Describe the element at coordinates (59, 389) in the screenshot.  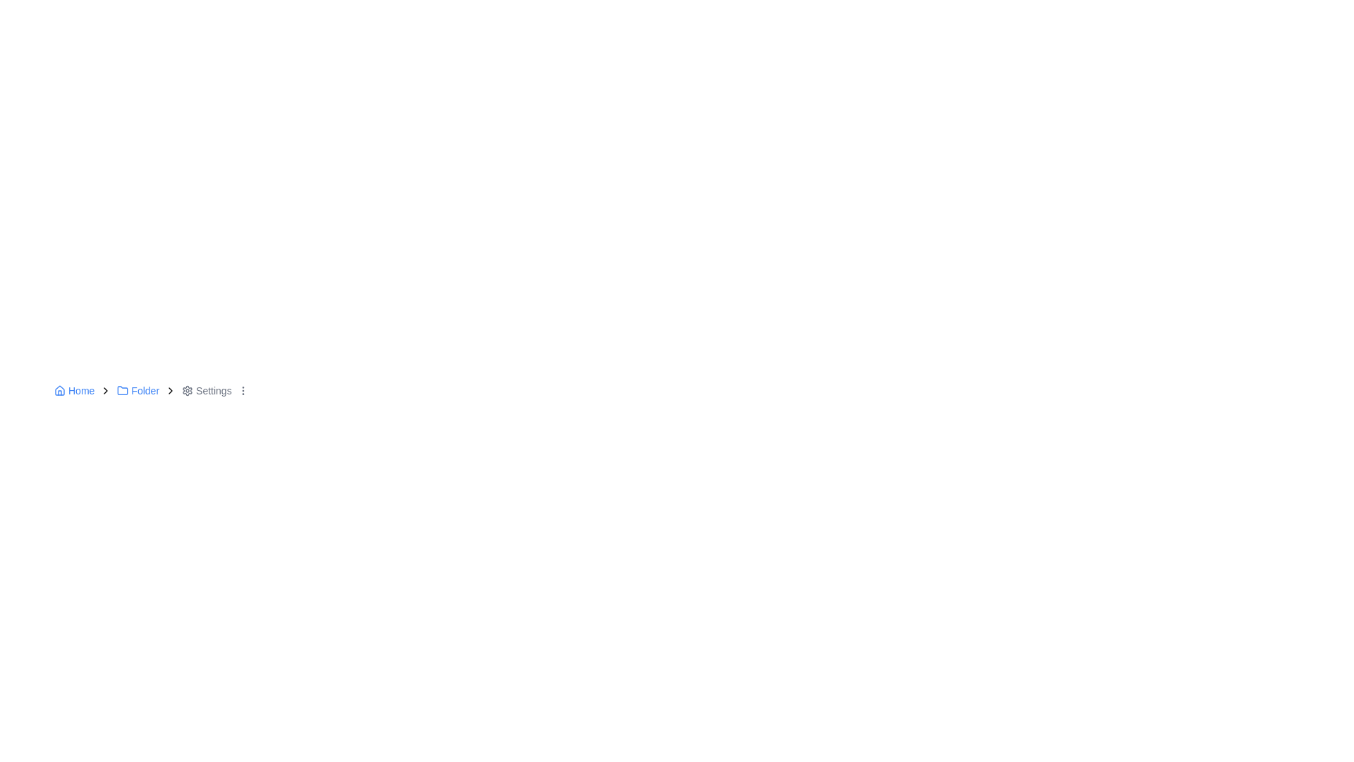
I see `the top outline portion of the house icon, which is a minimalistic SVG graphic located towards the left edge of the breadcrumb navigation bar` at that location.